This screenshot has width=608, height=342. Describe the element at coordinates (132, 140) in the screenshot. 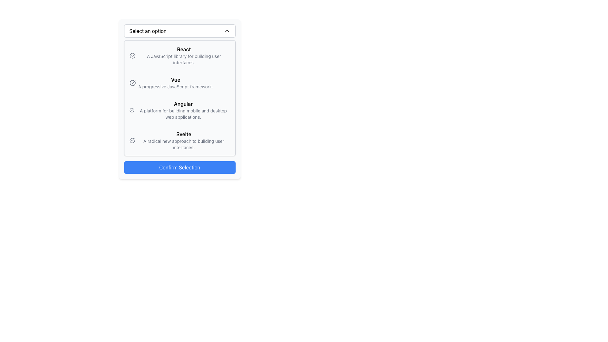

I see `the selection indicator SVG icon that visually indicates that 'Svelte' has been selected, positioned to the left of the text 'Svelte'` at that location.